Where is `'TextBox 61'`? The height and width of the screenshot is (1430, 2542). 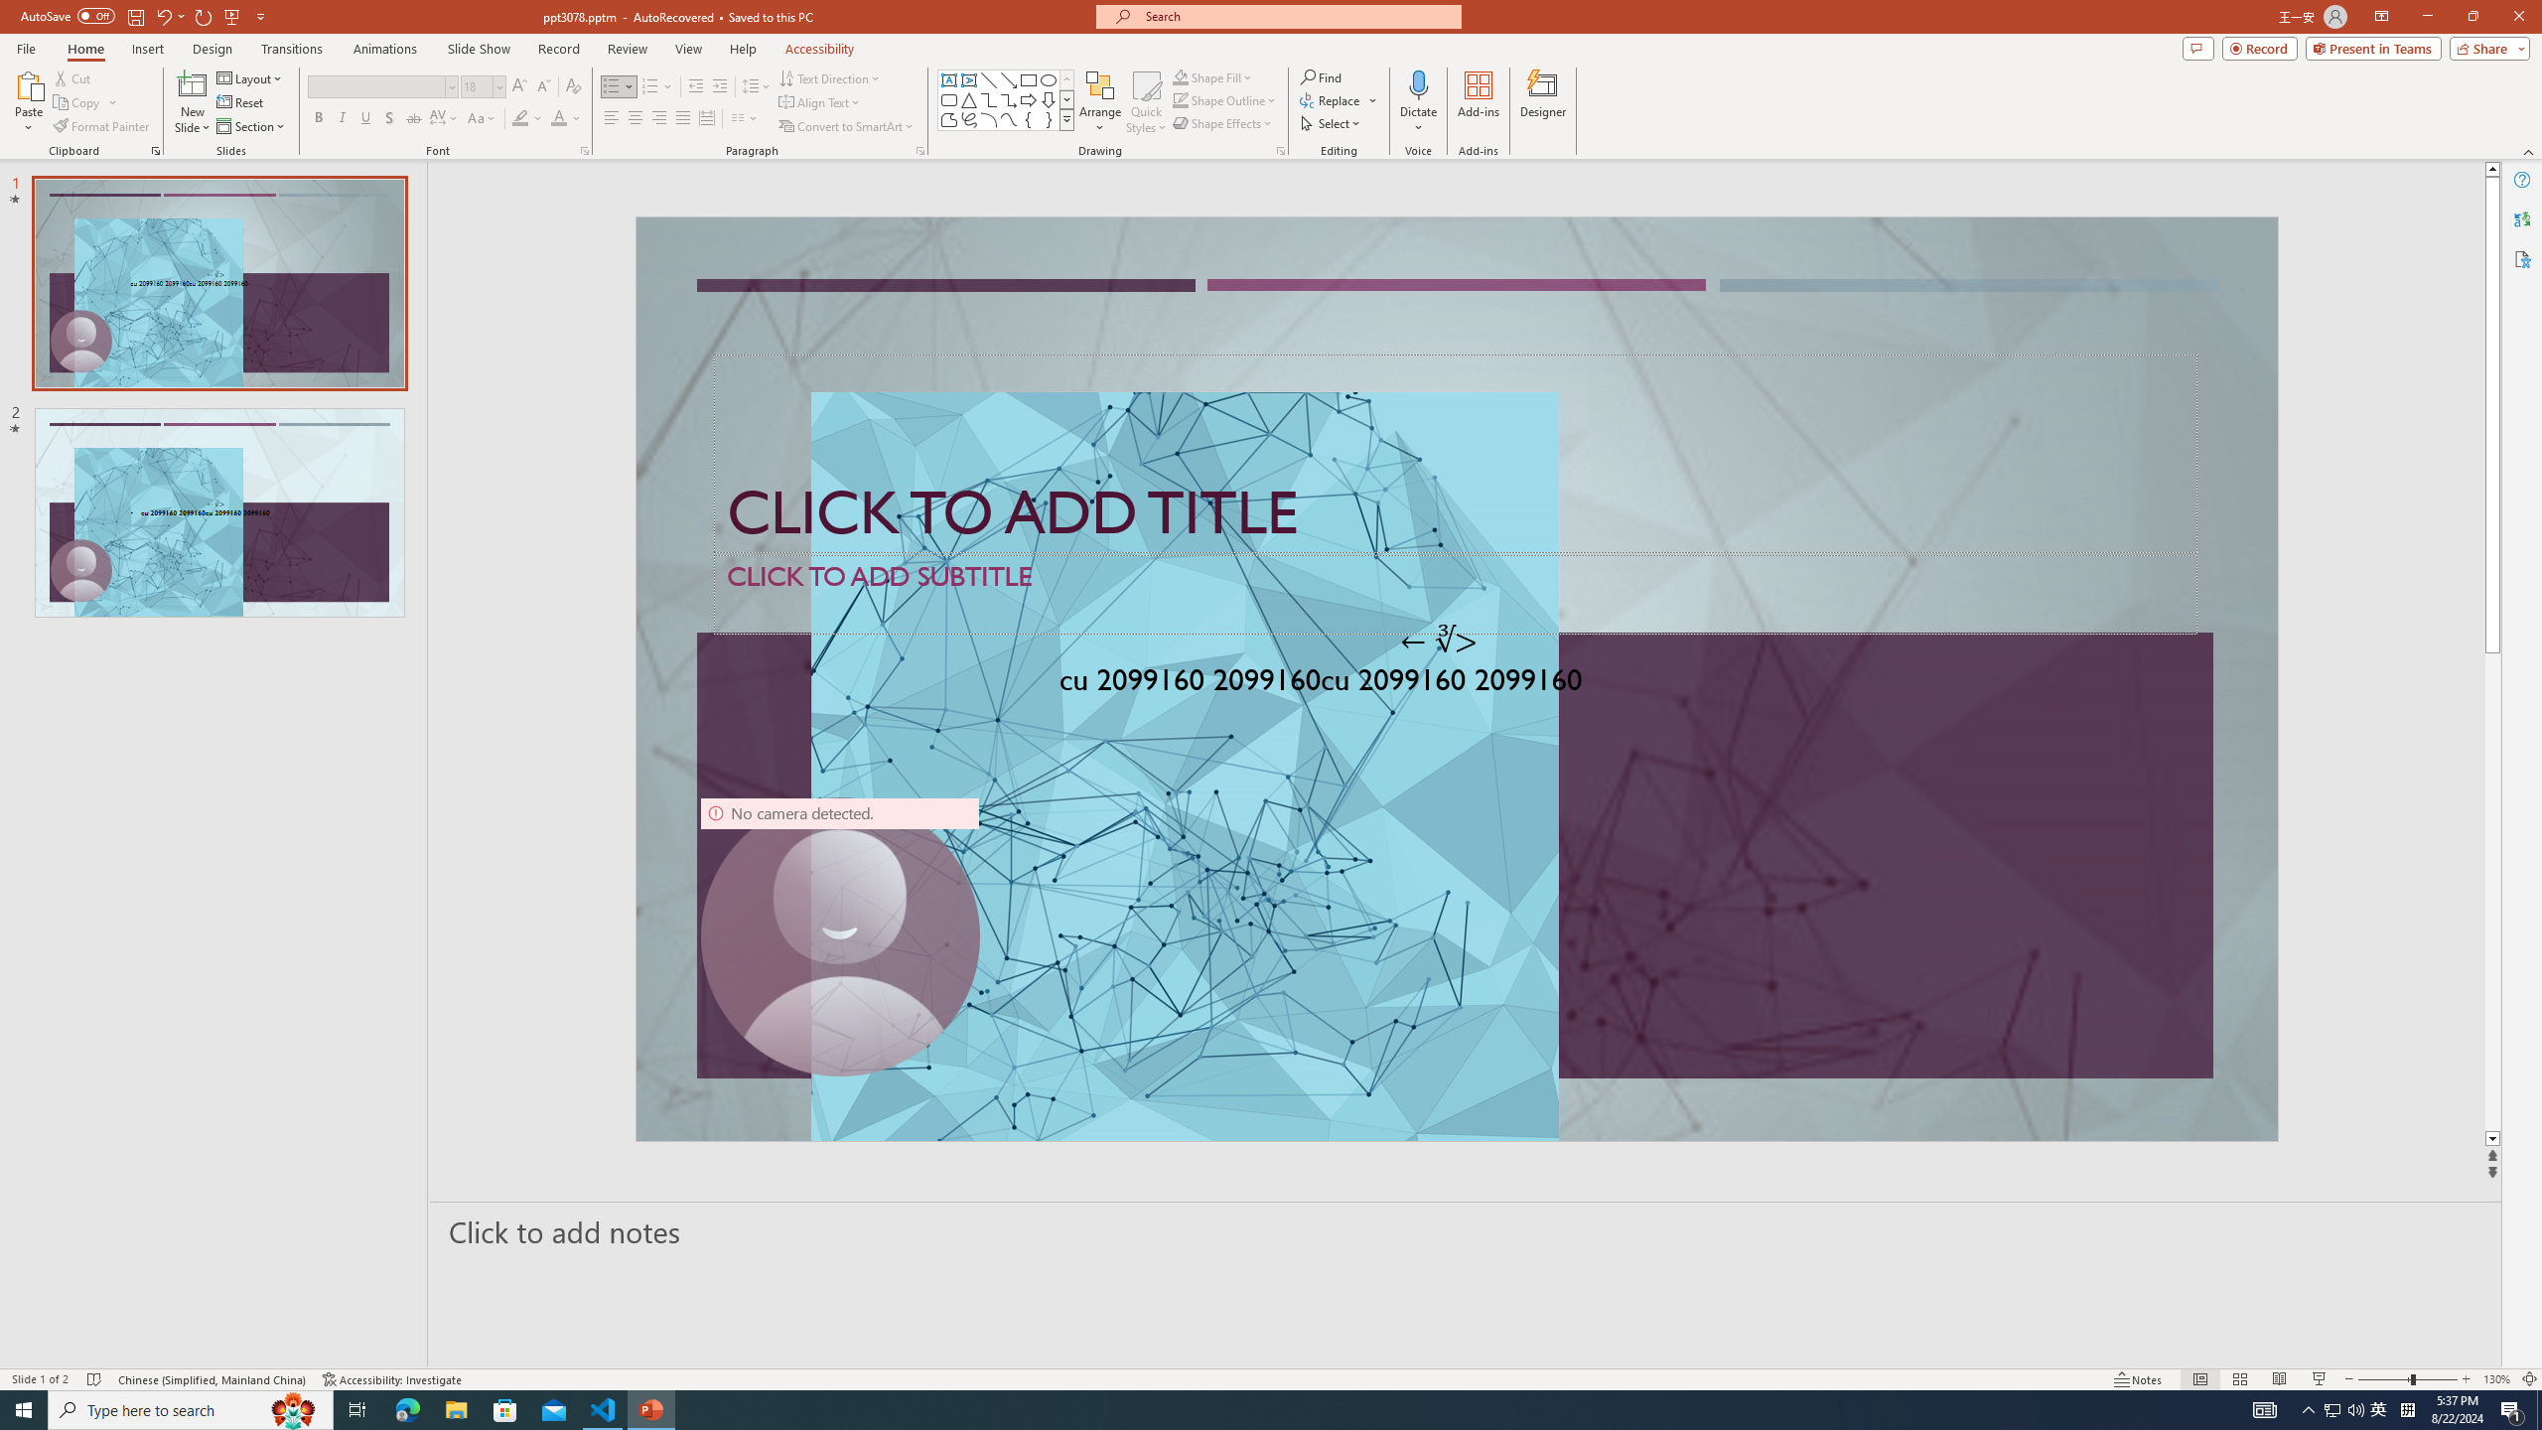
'TextBox 61' is located at coordinates (1453, 683).